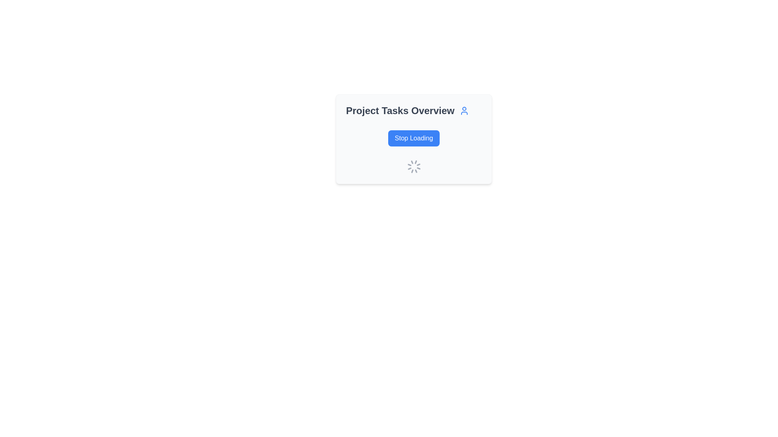 This screenshot has width=778, height=437. Describe the element at coordinates (414, 138) in the screenshot. I see `the 'Stop Loading' button located within the project tasks overview panel to interrupt the loading process` at that location.